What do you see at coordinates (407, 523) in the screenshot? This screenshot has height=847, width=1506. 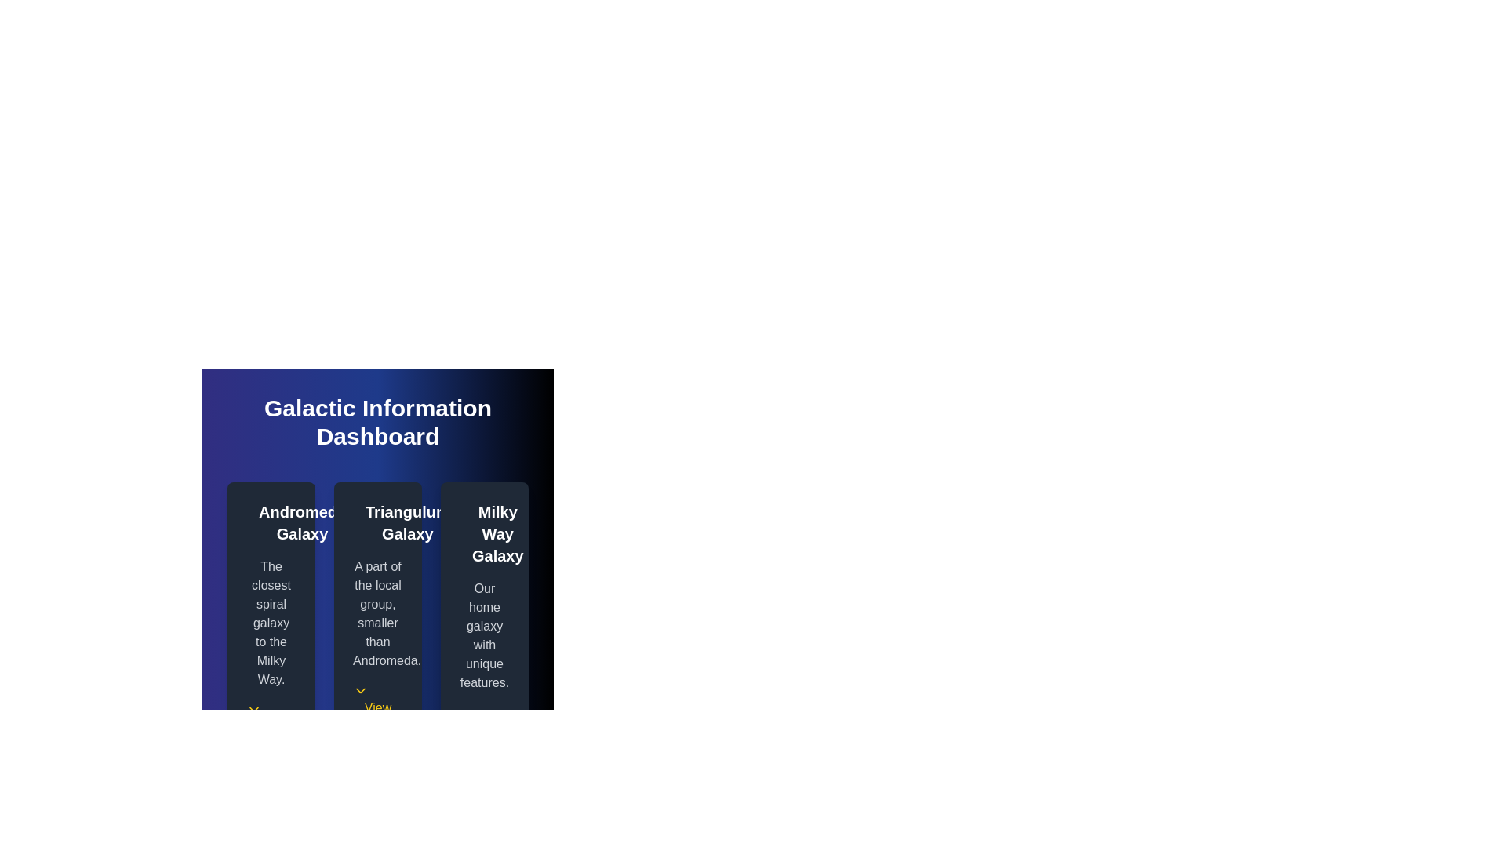 I see `bolded text label displaying 'Triangulum Galaxy' located on the dark card in the middle section of the horizontal layout` at bounding box center [407, 523].